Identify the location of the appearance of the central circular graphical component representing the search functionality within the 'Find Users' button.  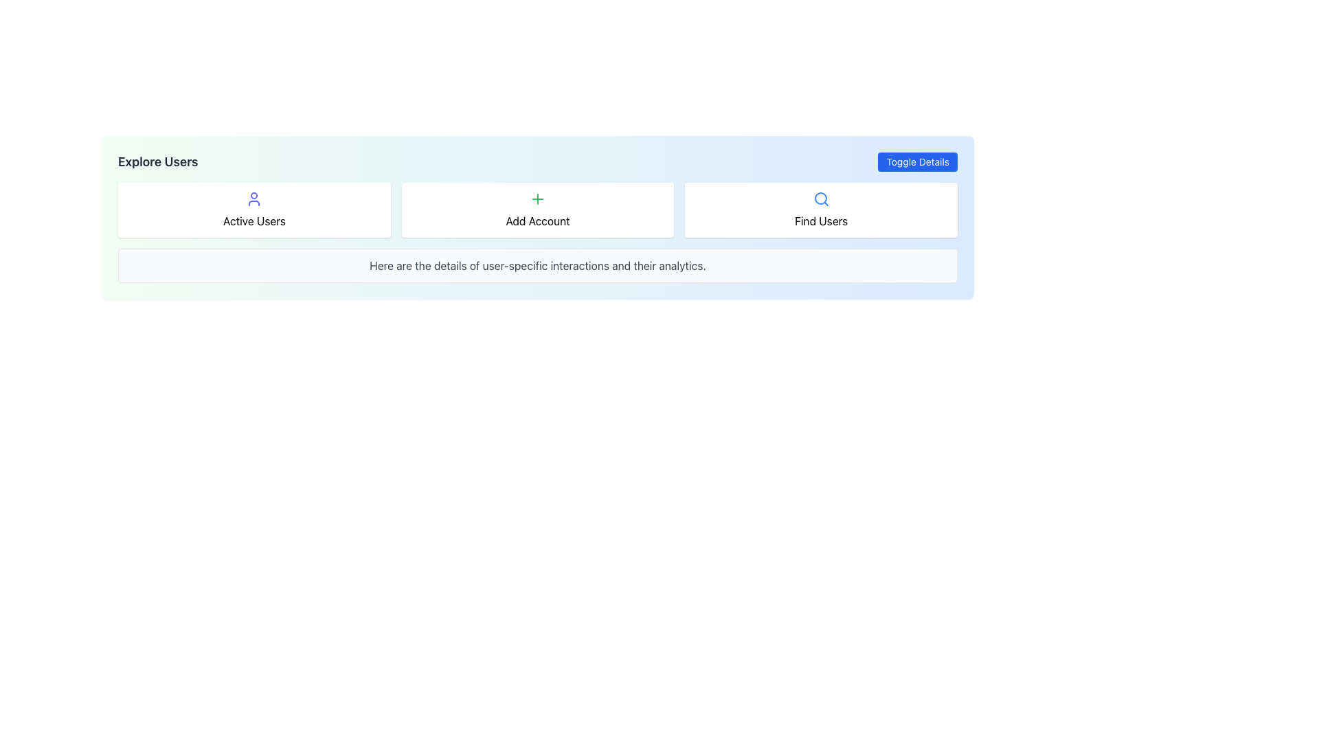
(820, 199).